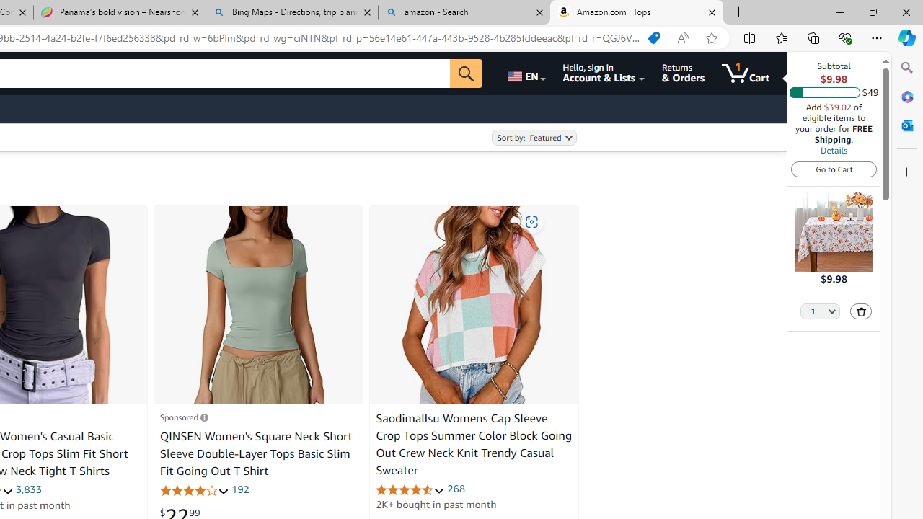  Describe the element at coordinates (28, 488) in the screenshot. I see `'3,833'` at that location.